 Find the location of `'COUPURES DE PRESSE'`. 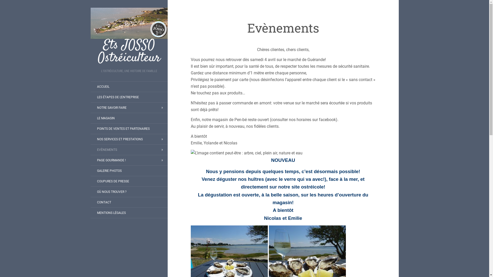

'COUPURES DE PRESSE' is located at coordinates (112, 181).